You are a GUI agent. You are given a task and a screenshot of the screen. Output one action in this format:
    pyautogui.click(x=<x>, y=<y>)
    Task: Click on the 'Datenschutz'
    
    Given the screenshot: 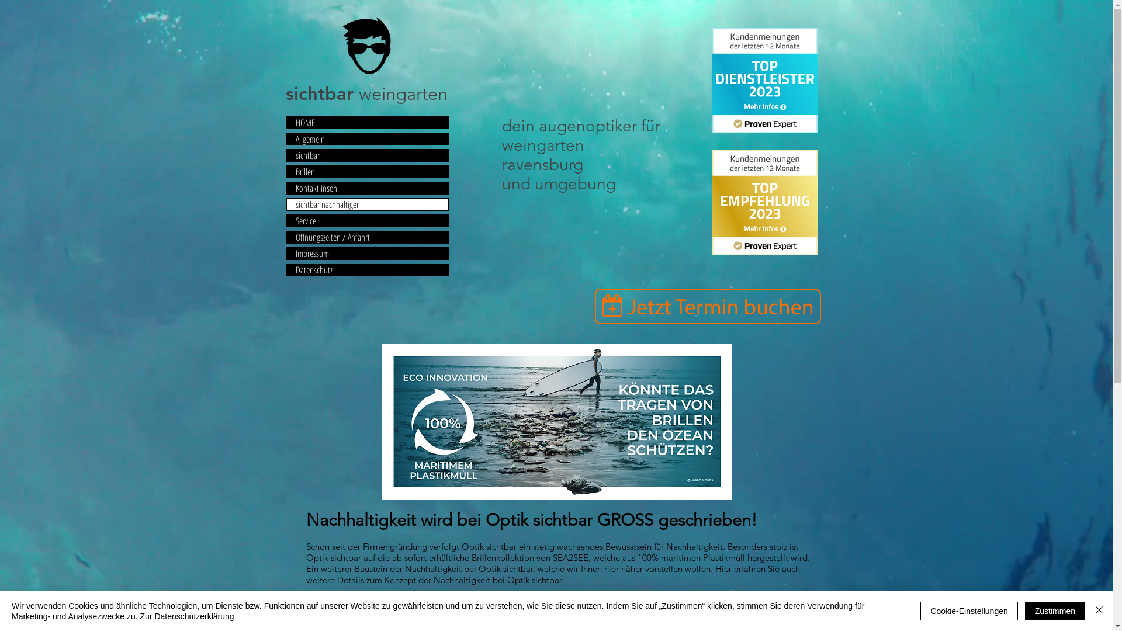 What is the action you would take?
    pyautogui.click(x=366, y=270)
    